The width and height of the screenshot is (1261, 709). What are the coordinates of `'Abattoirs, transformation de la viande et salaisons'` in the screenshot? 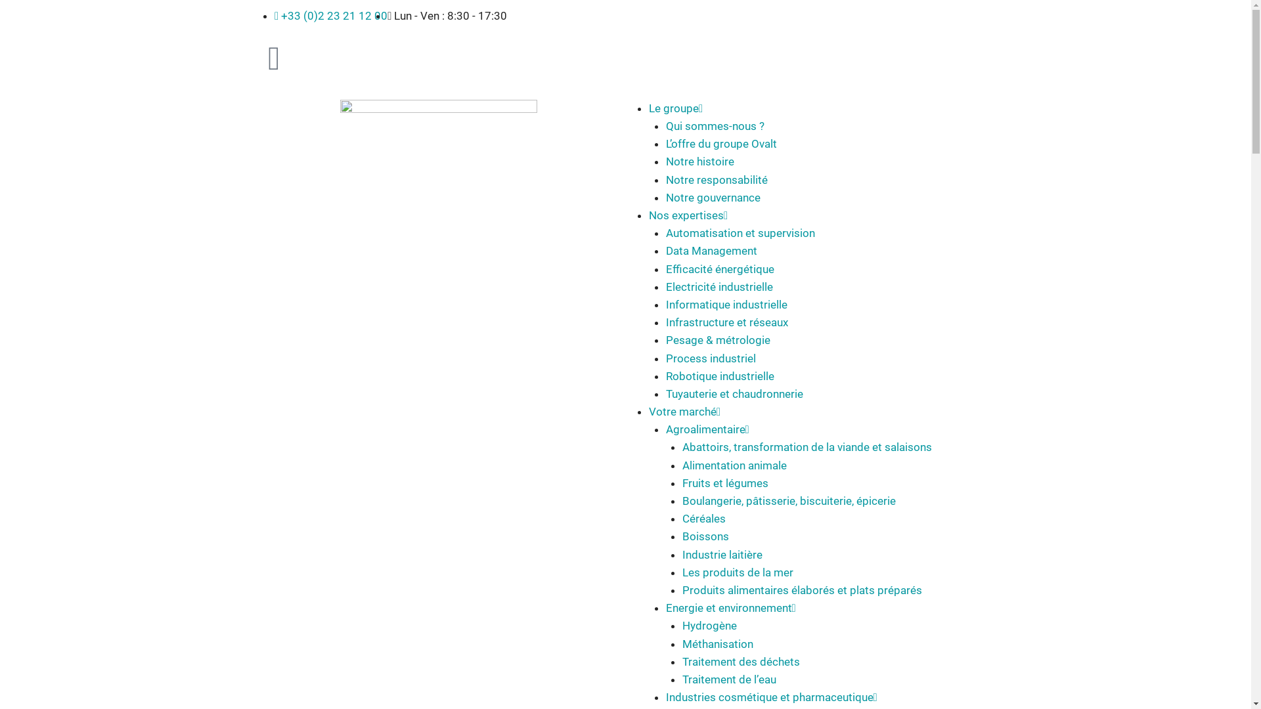 It's located at (806, 446).